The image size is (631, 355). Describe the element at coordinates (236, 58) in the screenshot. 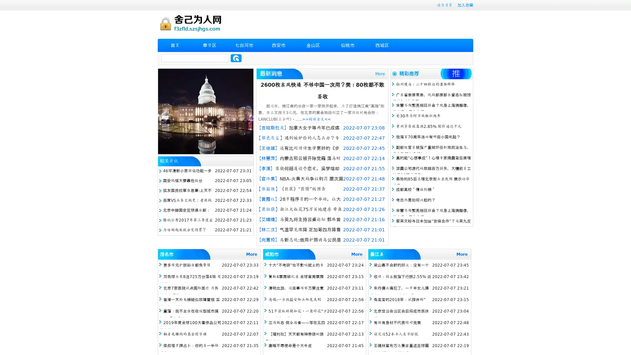

I see `Search` at that location.